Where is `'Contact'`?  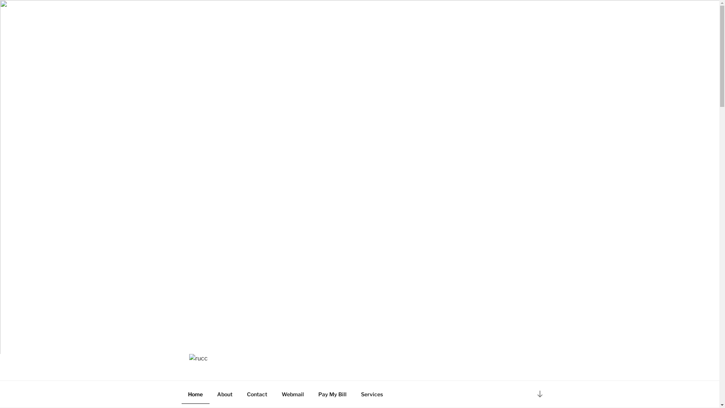 'Contact' is located at coordinates (257, 393).